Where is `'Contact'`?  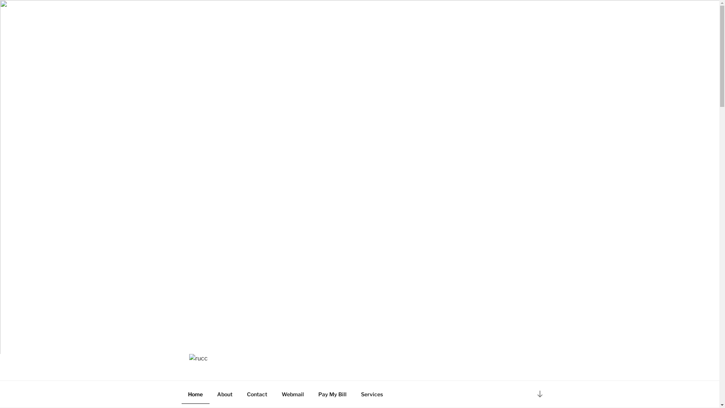 'Contact' is located at coordinates (257, 393).